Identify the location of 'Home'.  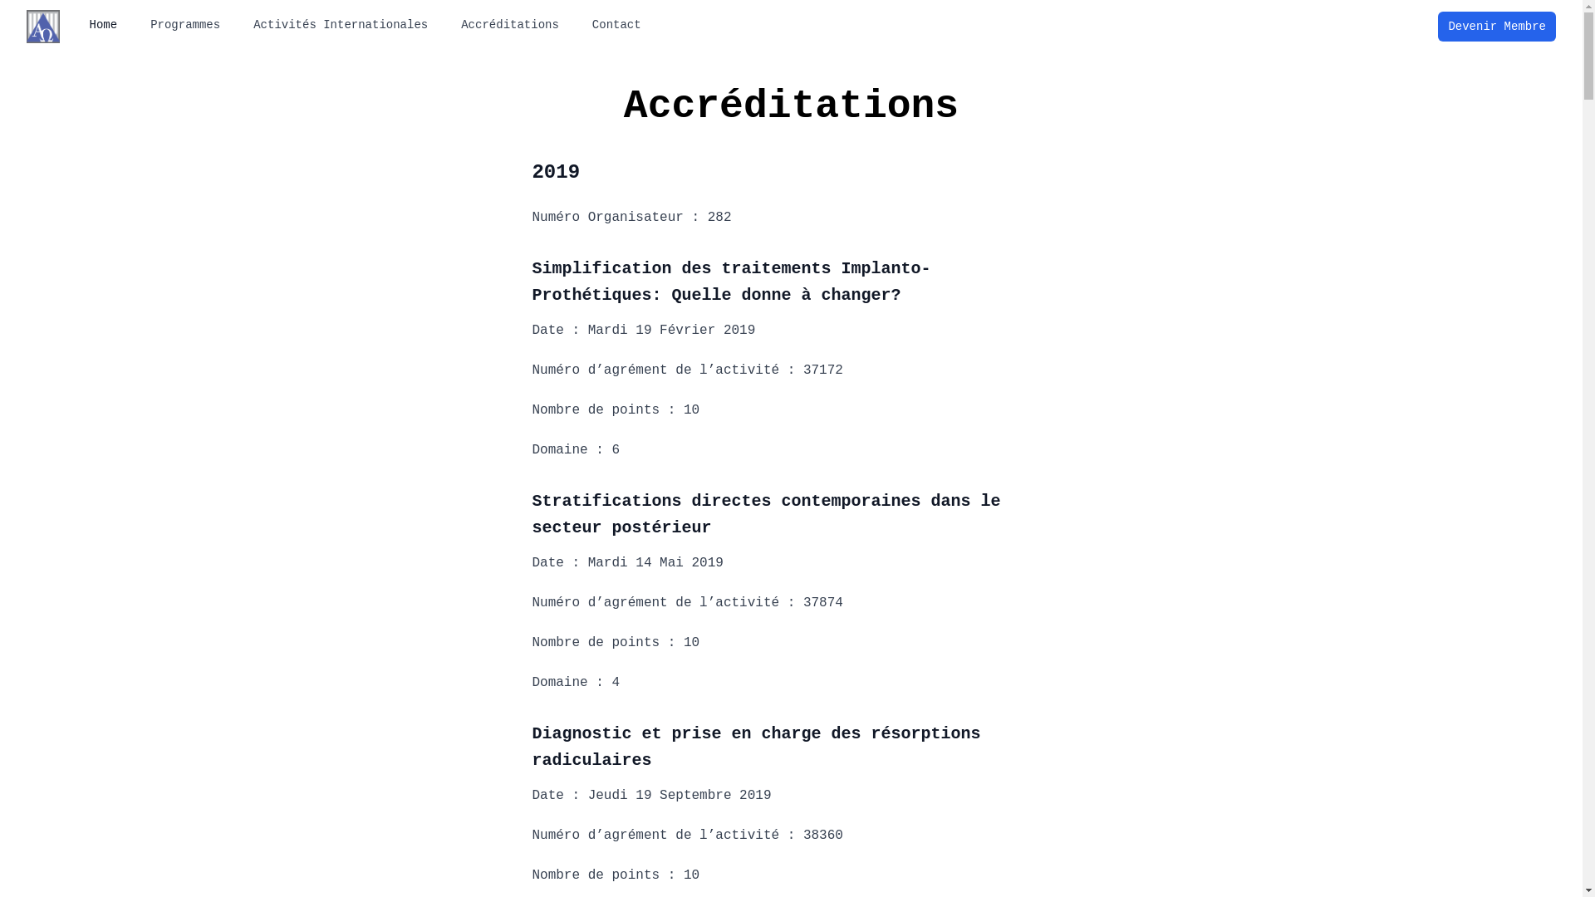
(79, 25).